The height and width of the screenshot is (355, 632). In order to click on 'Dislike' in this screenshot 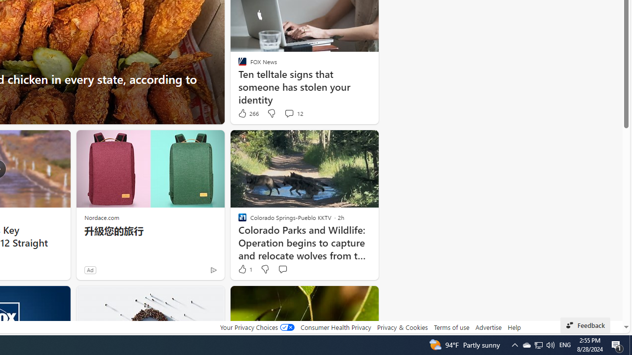, I will do `click(265, 269)`.